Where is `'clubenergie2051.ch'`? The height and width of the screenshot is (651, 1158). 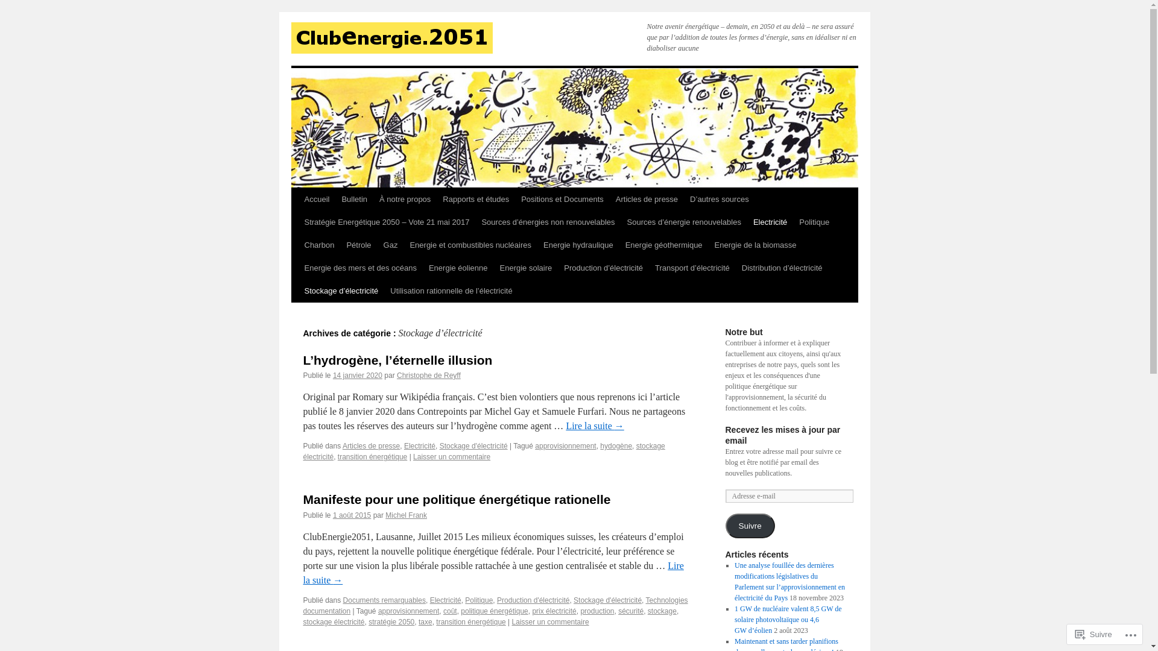
'clubenergie2051.ch' is located at coordinates (391, 37).